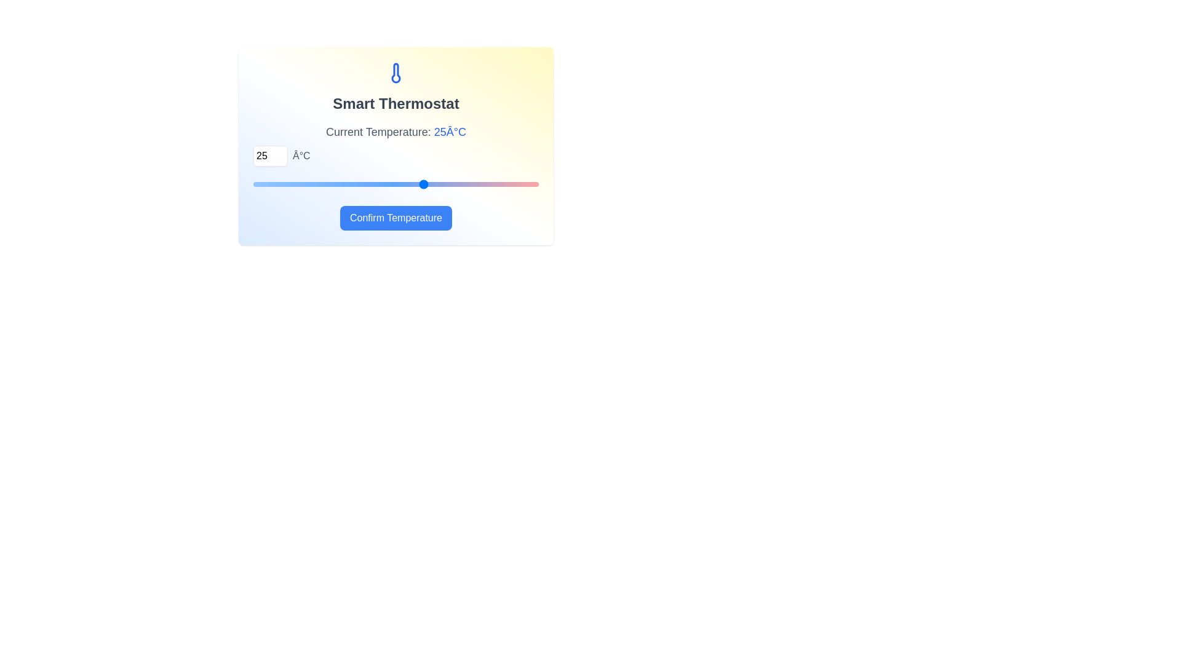 Image resolution: width=1181 pixels, height=664 pixels. Describe the element at coordinates (270, 156) in the screenshot. I see `the temperature to 26°C using the input field` at that location.